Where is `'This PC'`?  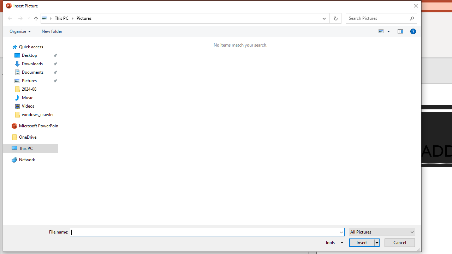
'This PC' is located at coordinates (64, 18).